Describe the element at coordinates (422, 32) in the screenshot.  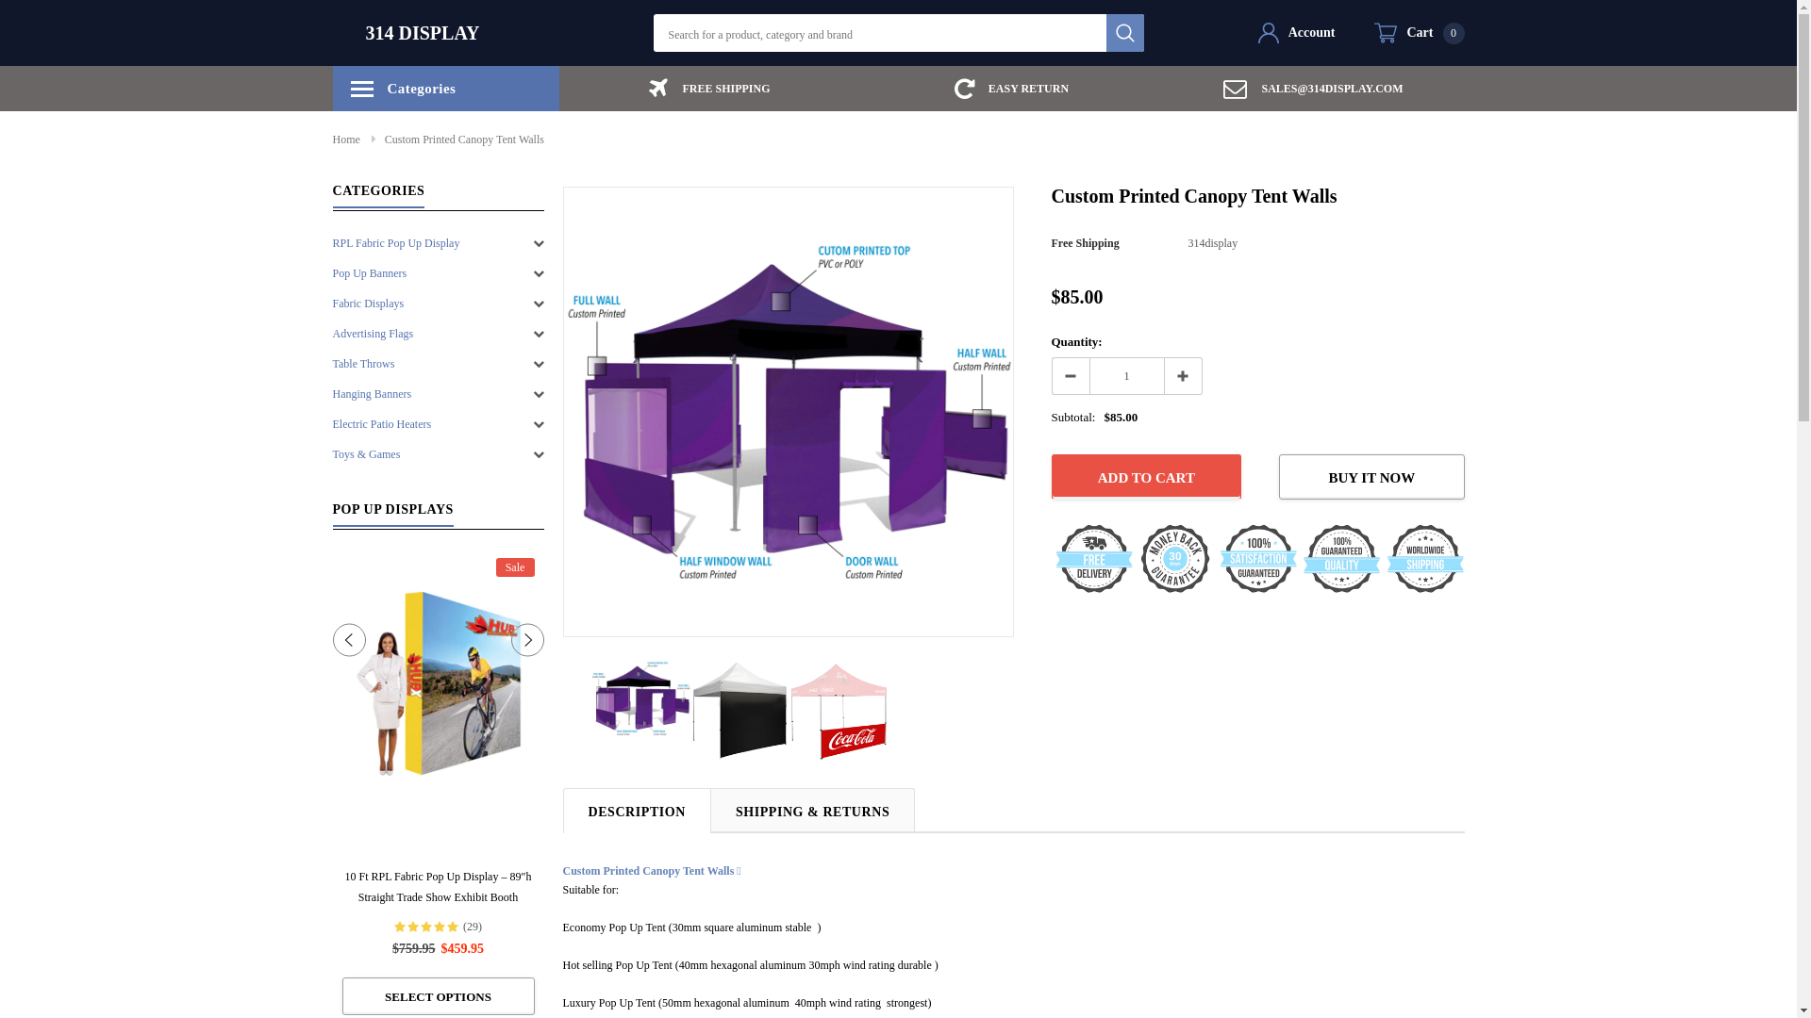
I see `'314 DISPLAY'` at that location.